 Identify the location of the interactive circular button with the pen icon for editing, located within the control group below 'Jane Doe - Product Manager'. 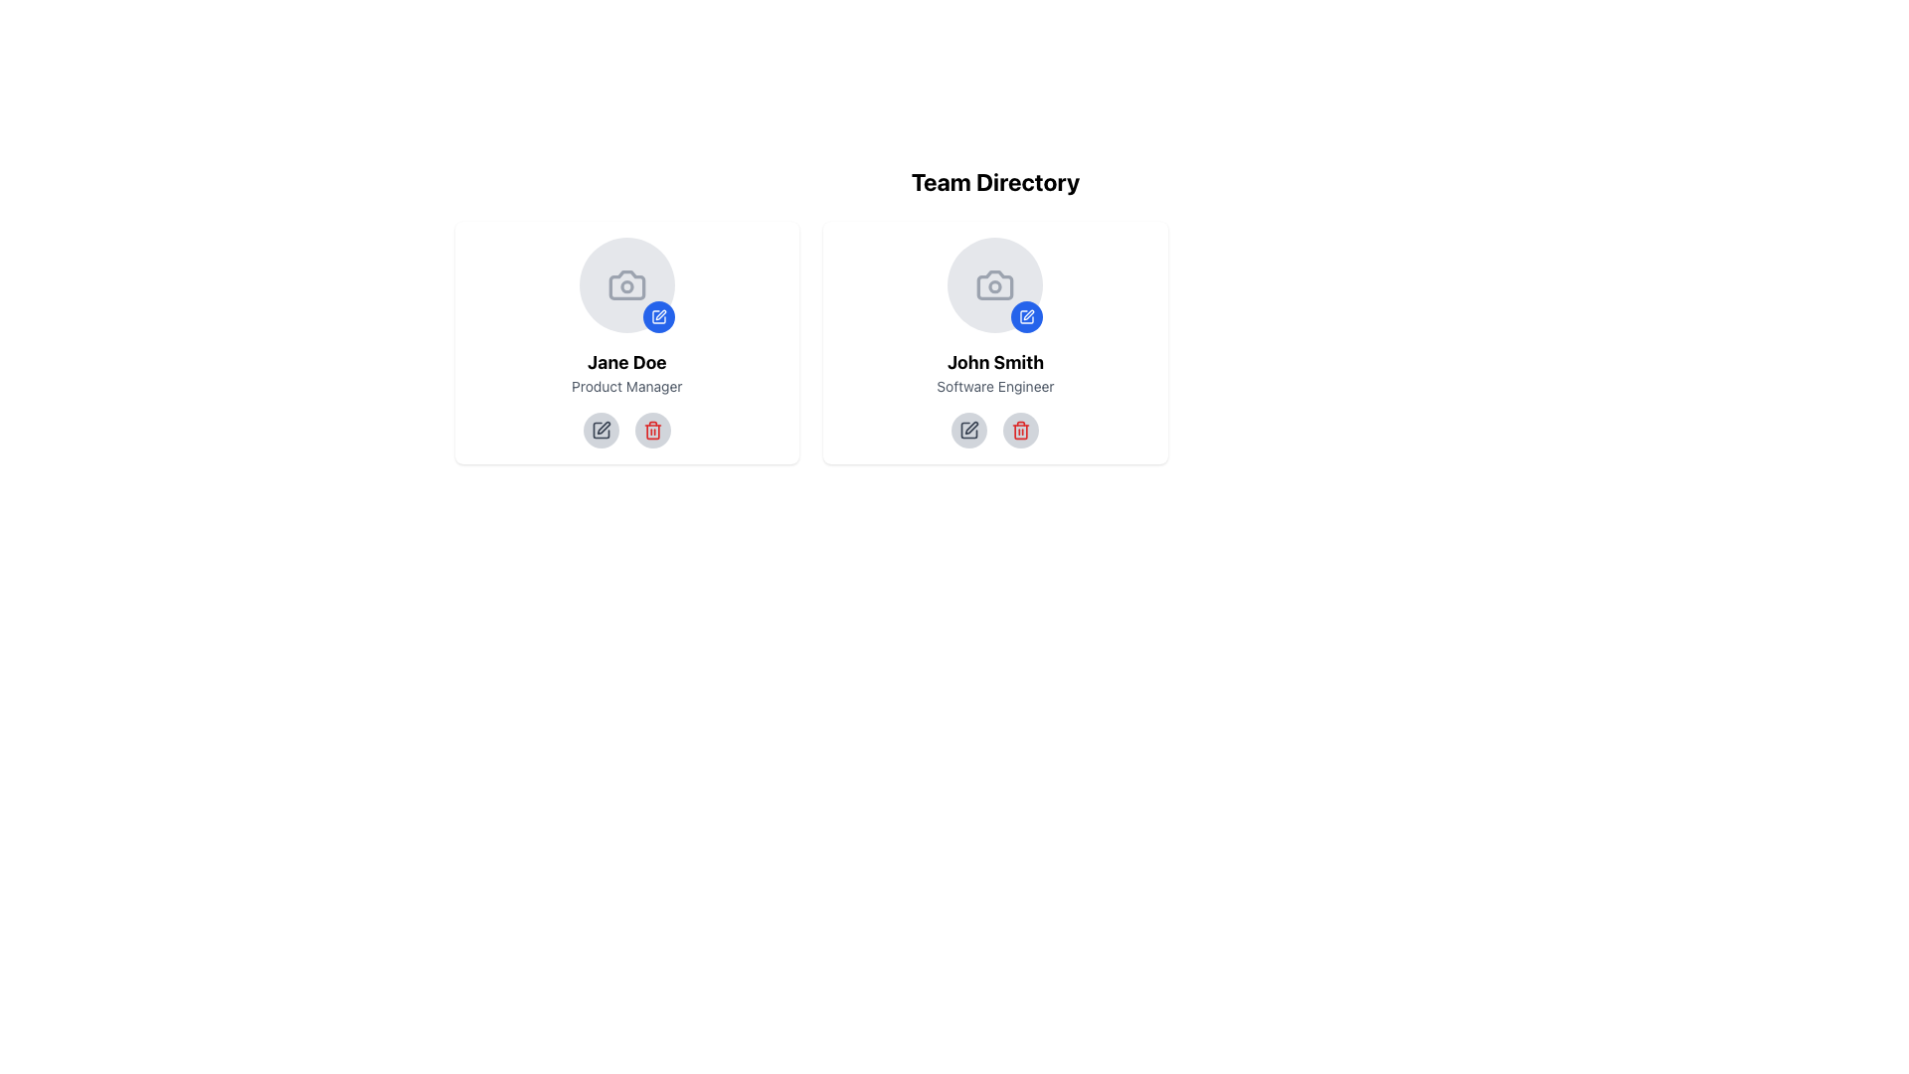
(625, 429).